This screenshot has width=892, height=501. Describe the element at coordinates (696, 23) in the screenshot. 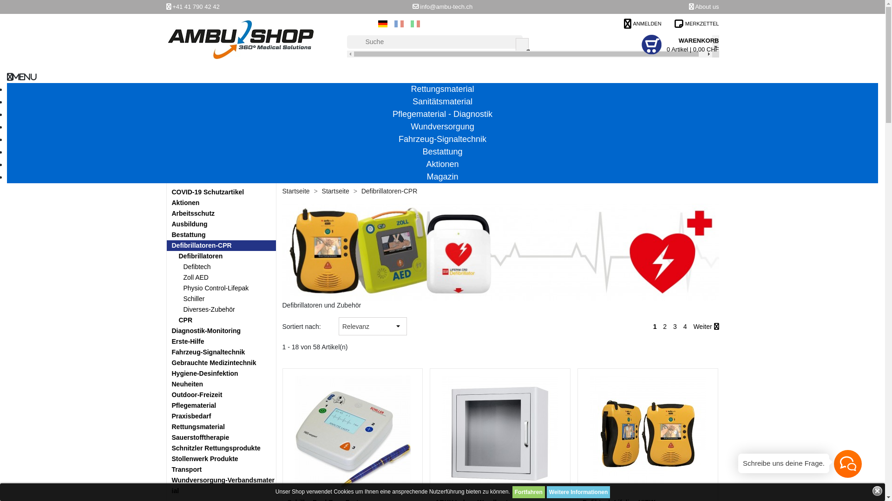

I see `'MERKZETTEL'` at that location.